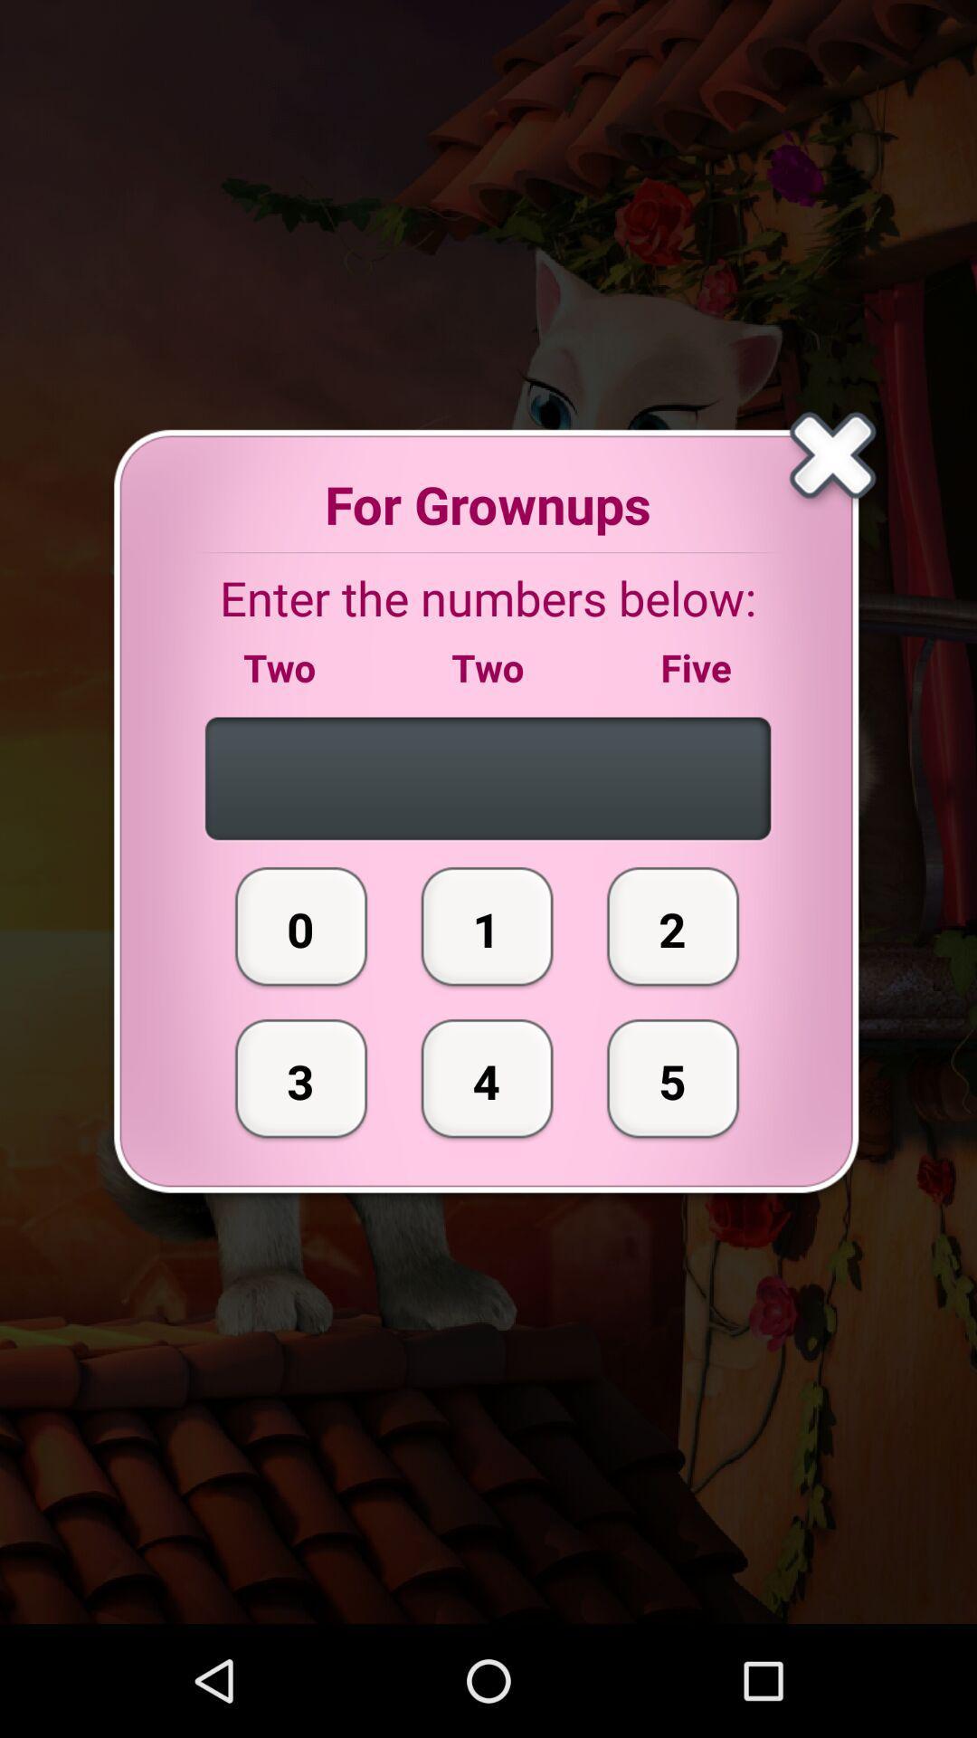 The width and height of the screenshot is (977, 1738). What do you see at coordinates (673, 926) in the screenshot?
I see `the 2 item` at bounding box center [673, 926].